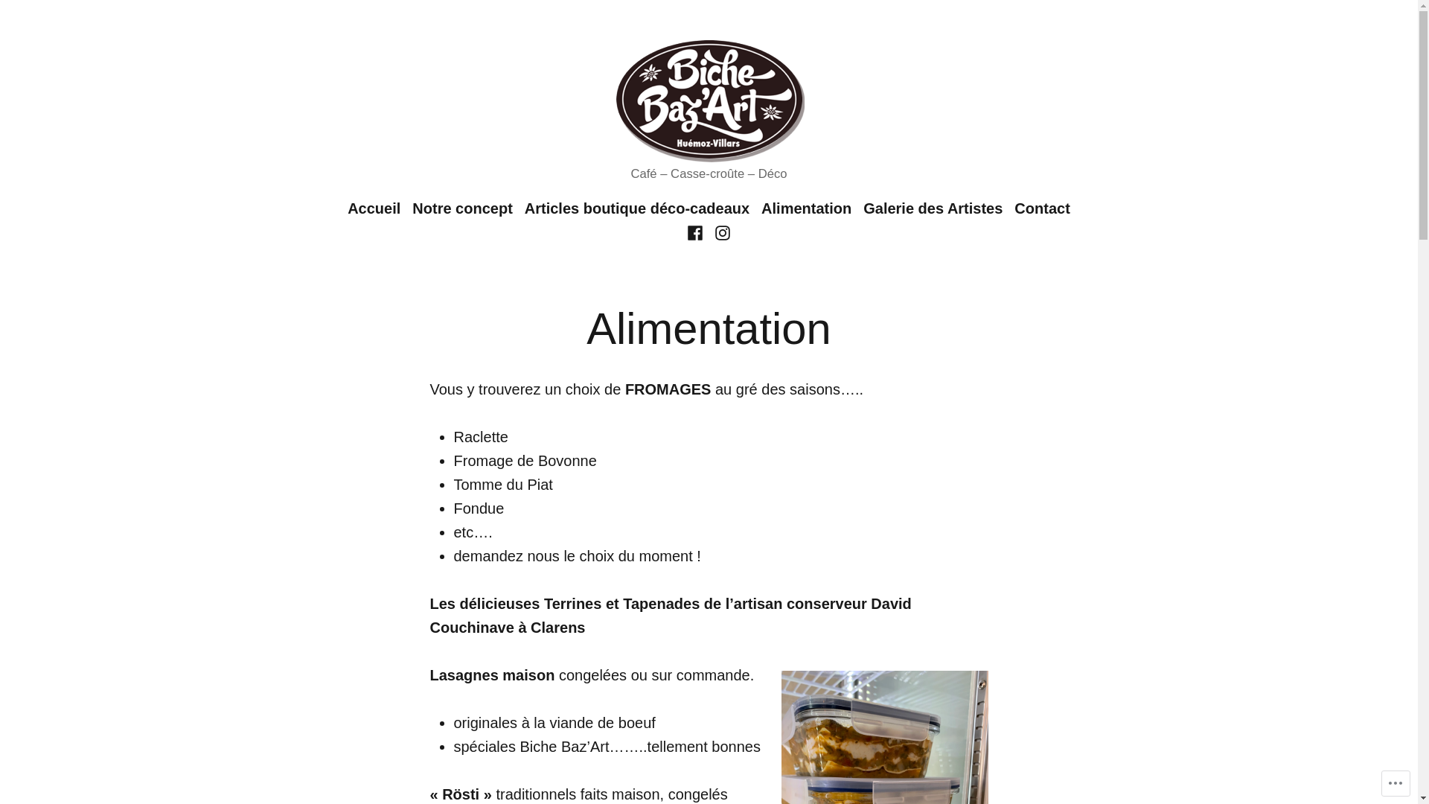 Image resolution: width=1429 pixels, height=804 pixels. I want to click on 'Accueil', so click(377, 208).